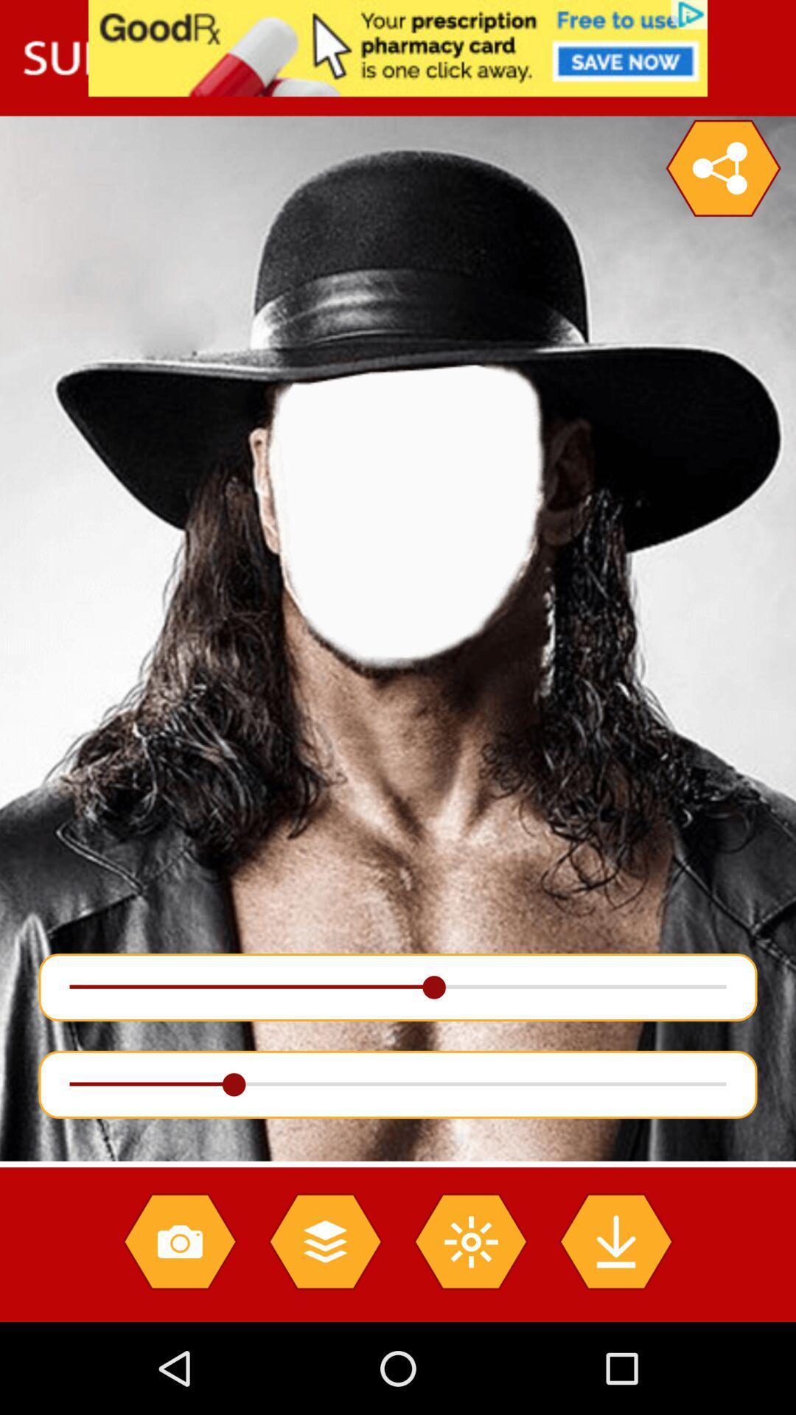  Describe the element at coordinates (324, 1240) in the screenshot. I see `the layers icon` at that location.